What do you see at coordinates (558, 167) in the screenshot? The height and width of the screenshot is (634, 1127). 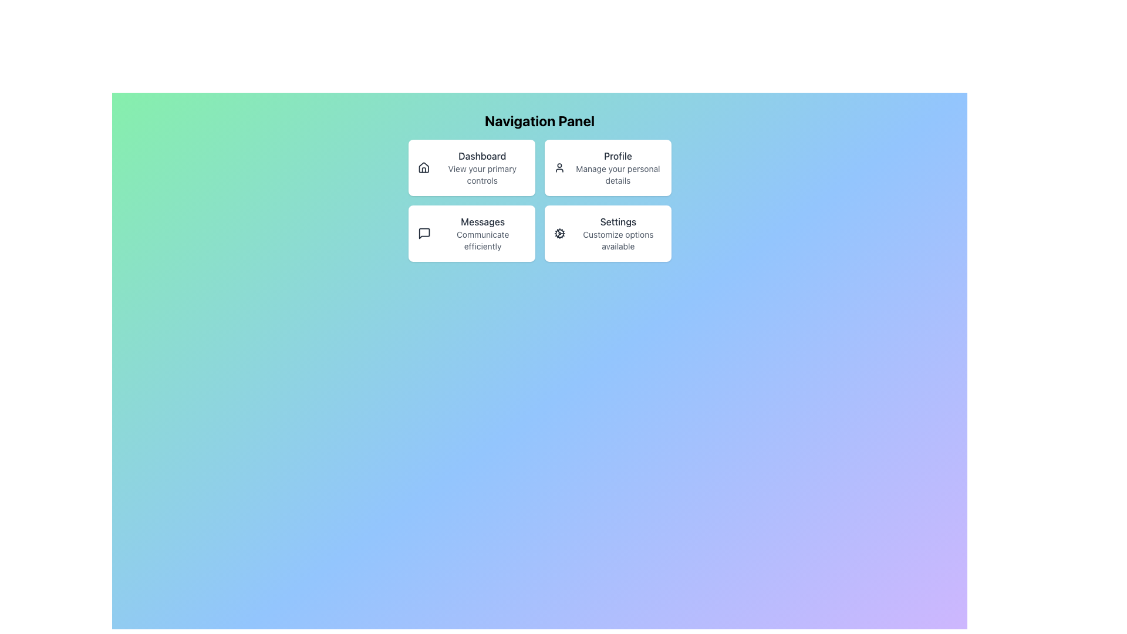 I see `the 'Profile' icon located in the top-right section of the interface, directly above the text 'Profile' and 'Manage your personal details.'` at bounding box center [558, 167].